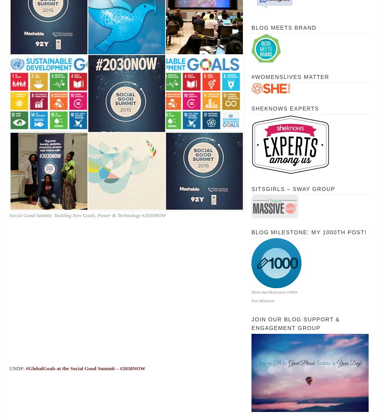  What do you see at coordinates (295, 323) in the screenshot?
I see `'Join Our Blog Support & Engagement Group'` at bounding box center [295, 323].